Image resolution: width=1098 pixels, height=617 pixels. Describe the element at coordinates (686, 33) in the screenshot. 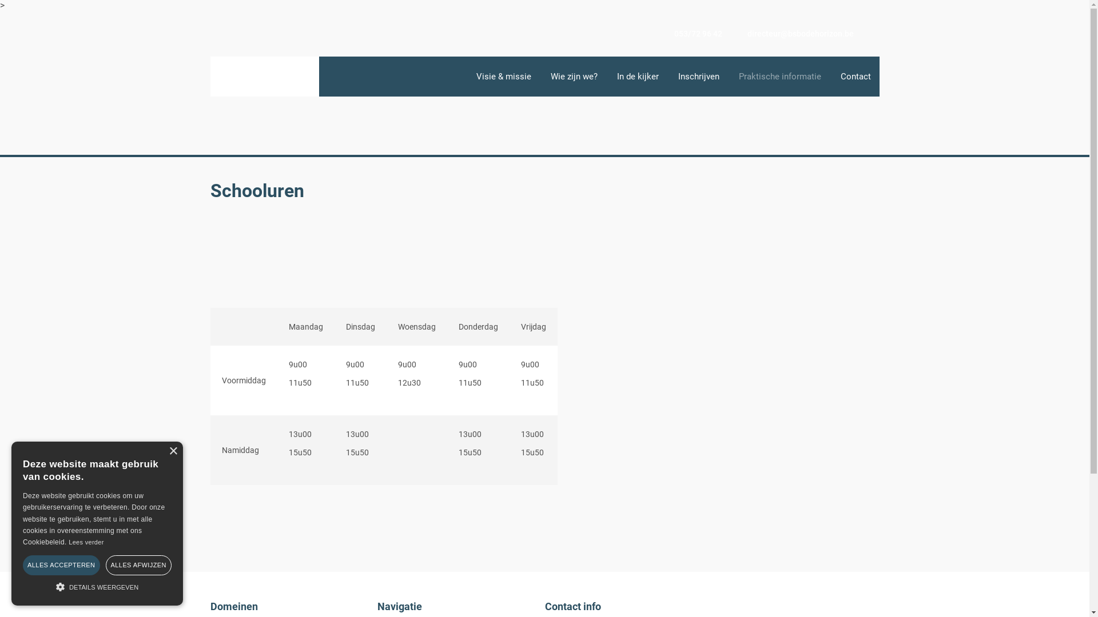

I see `'053/72 96 42'` at that location.